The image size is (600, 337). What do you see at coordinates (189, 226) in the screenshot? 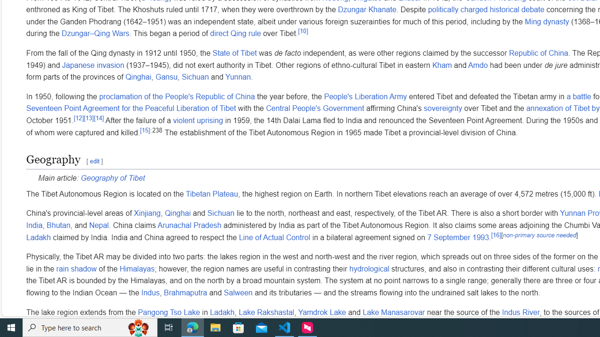
I see `'Arunachal Pradesh'` at bounding box center [189, 226].